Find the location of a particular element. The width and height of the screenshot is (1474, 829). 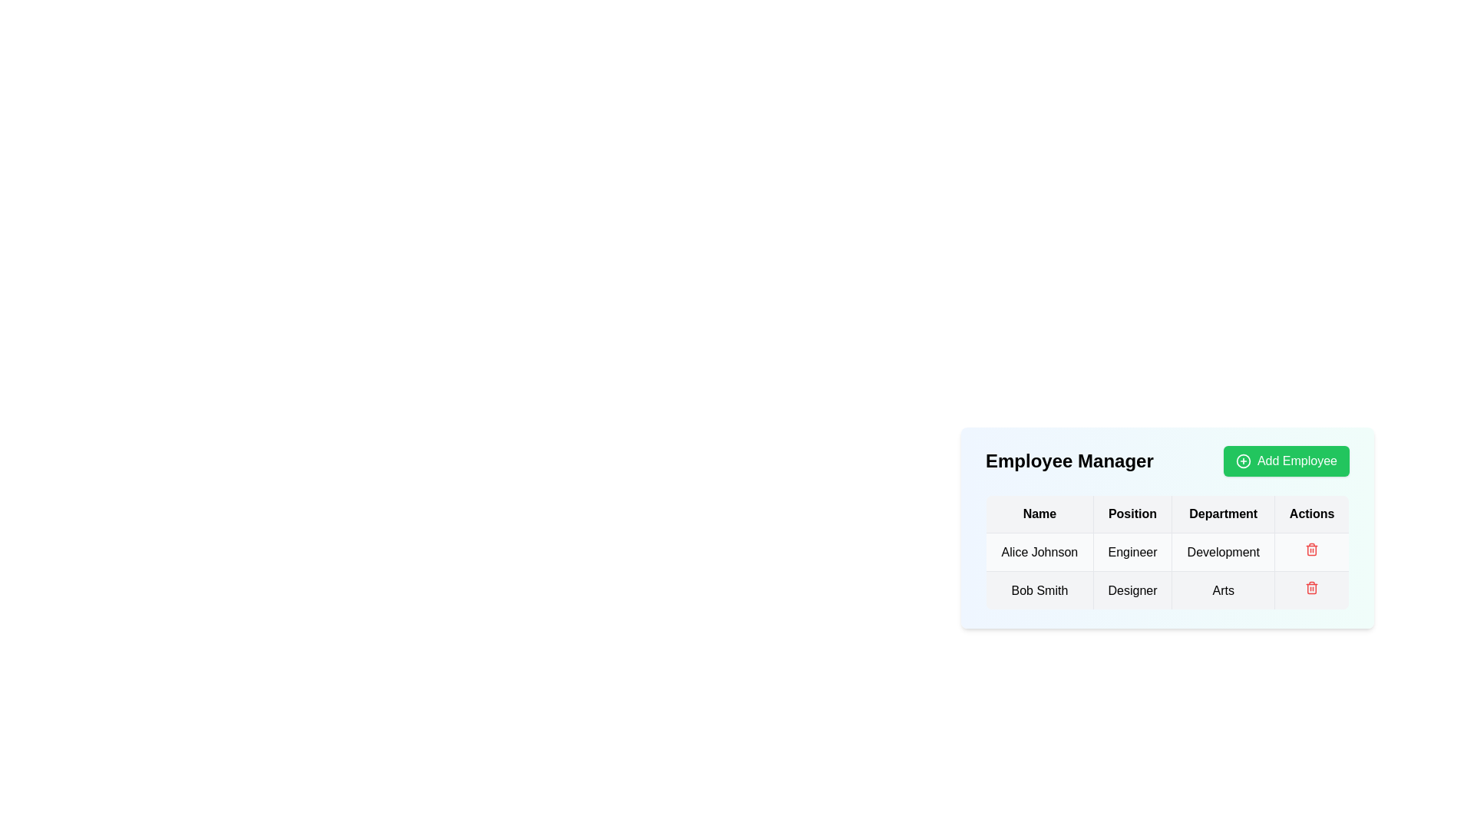

the 'Actions' column header in the table, which is the rightmost header aligned with 'Department' is located at coordinates (1311, 514).